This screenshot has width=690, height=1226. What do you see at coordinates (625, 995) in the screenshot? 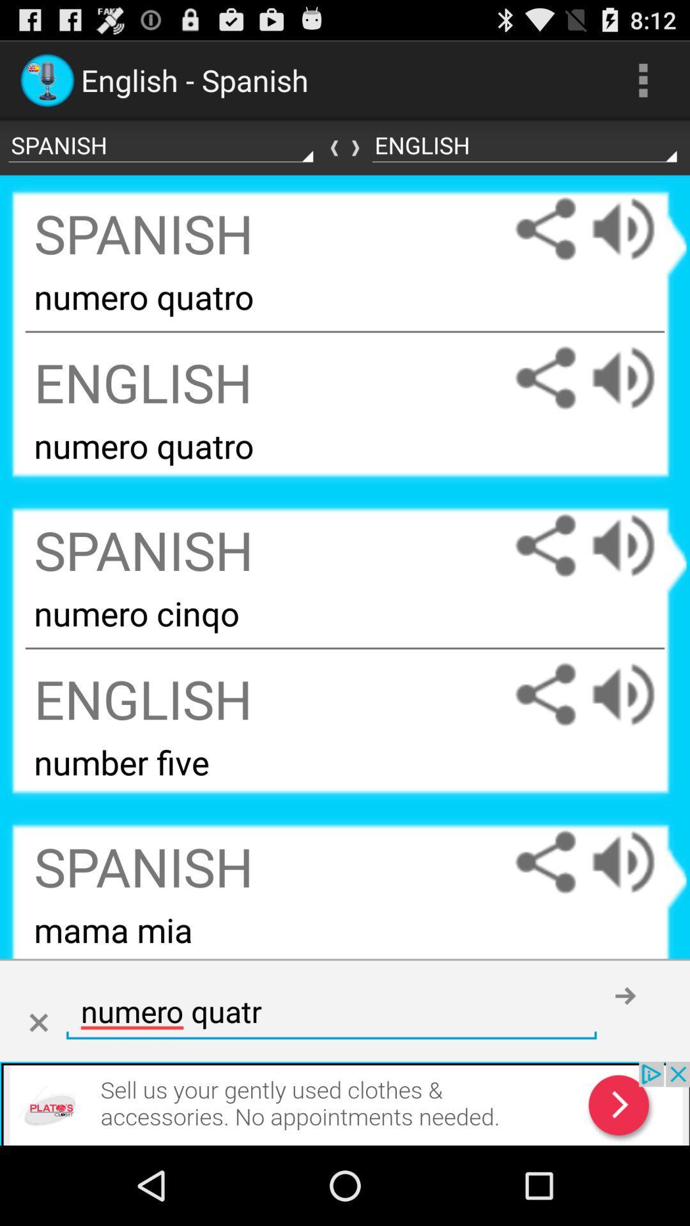
I see `go forward submit` at bounding box center [625, 995].